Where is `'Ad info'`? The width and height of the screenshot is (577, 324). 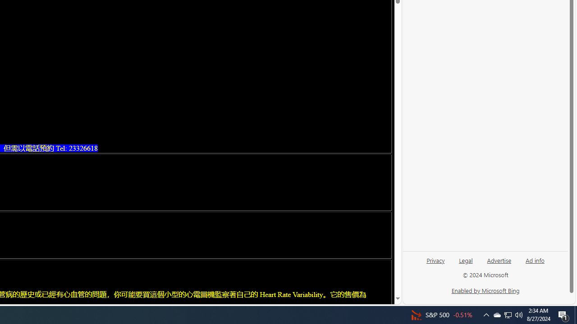
'Ad info' is located at coordinates (535, 260).